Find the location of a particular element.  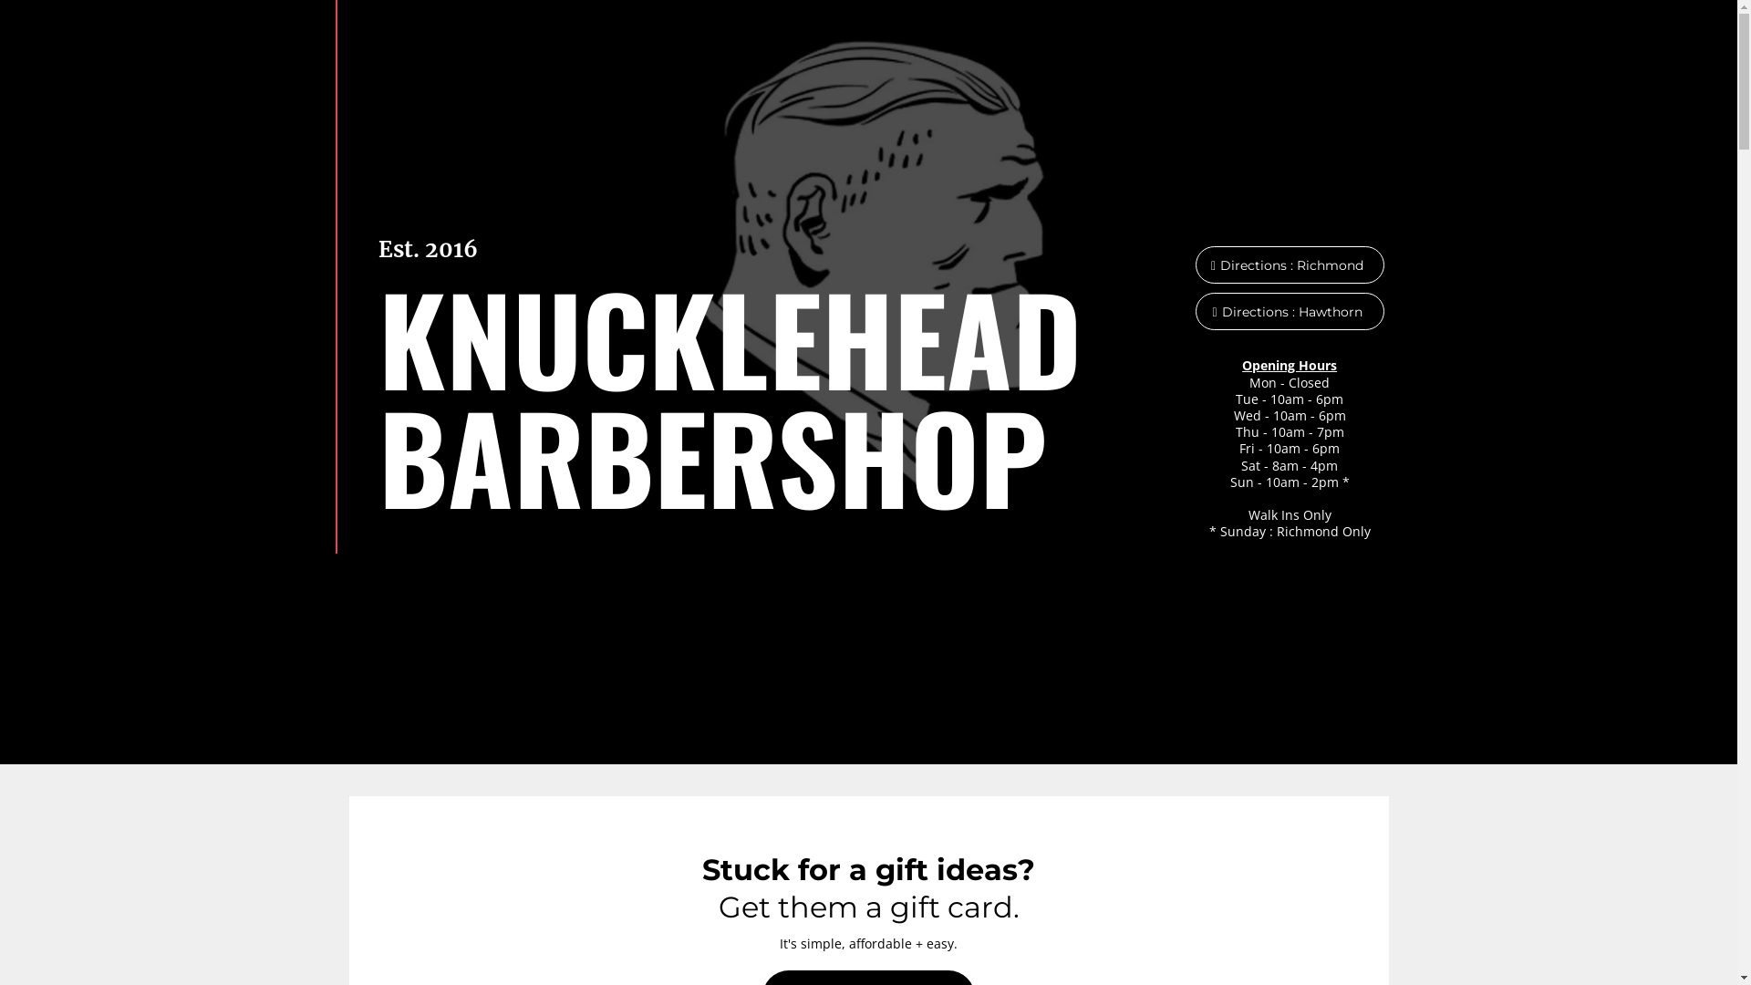

'Directions : Richmond' is located at coordinates (1289, 264).